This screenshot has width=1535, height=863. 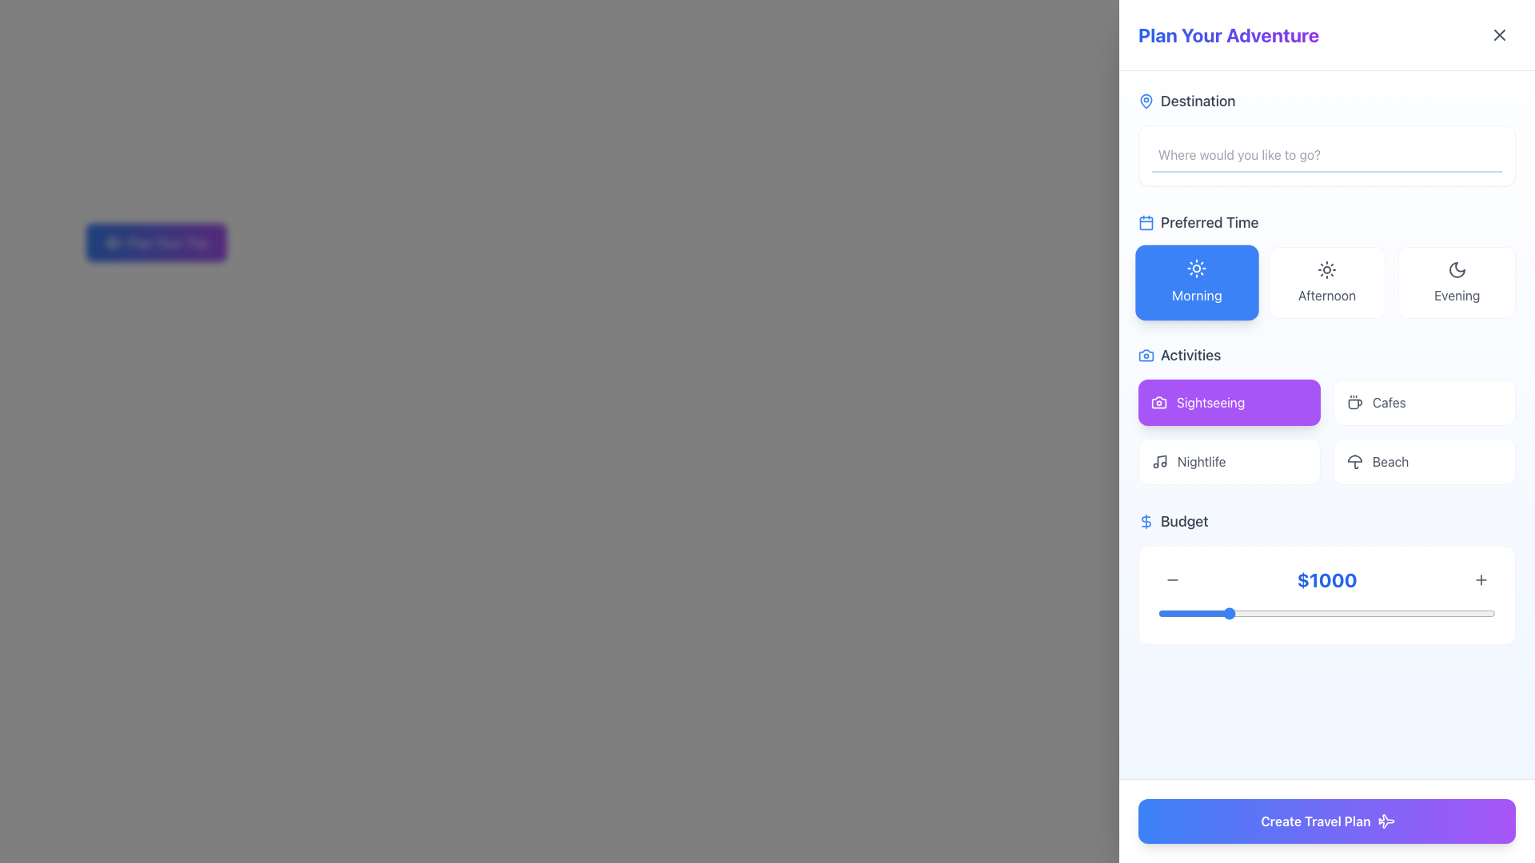 I want to click on the budget value, so click(x=1478, y=612).